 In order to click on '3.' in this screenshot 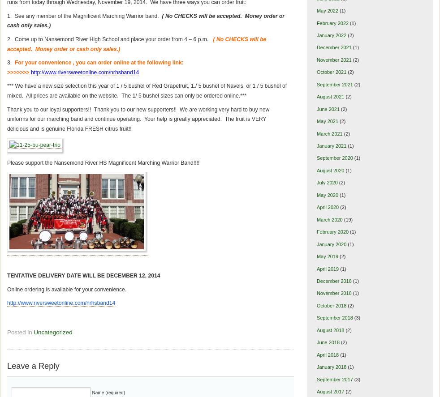, I will do `click(10, 62)`.